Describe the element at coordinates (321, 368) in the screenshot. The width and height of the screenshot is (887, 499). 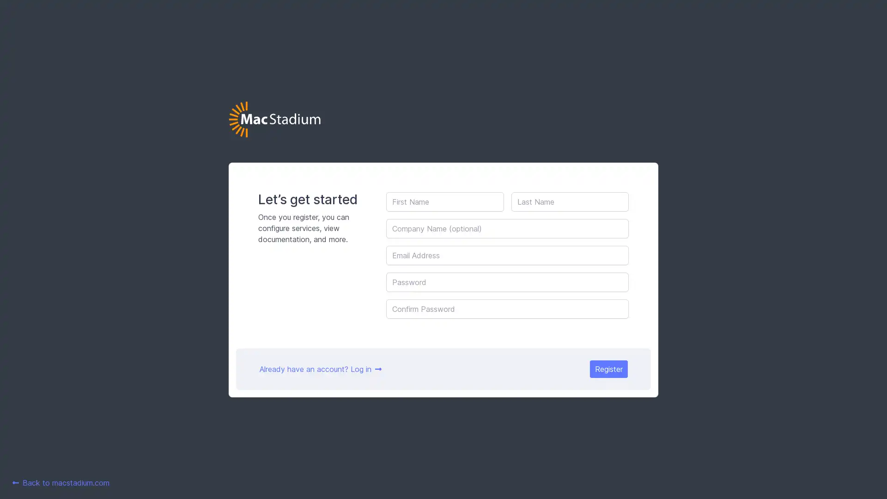
I see `Already have an account? Log in` at that location.